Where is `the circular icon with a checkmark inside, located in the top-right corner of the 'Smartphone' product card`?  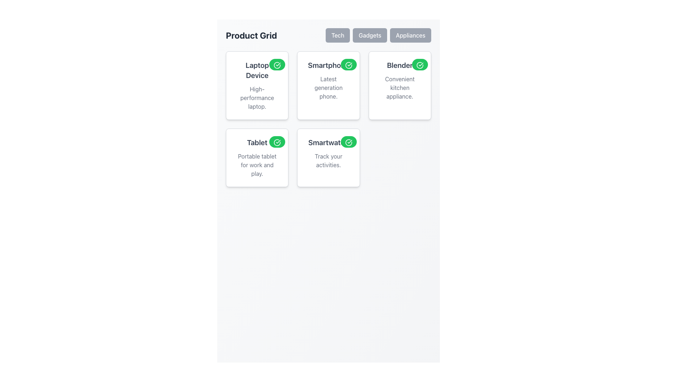
the circular icon with a checkmark inside, located in the top-right corner of the 'Smartphone' product card is located at coordinates (348, 65).